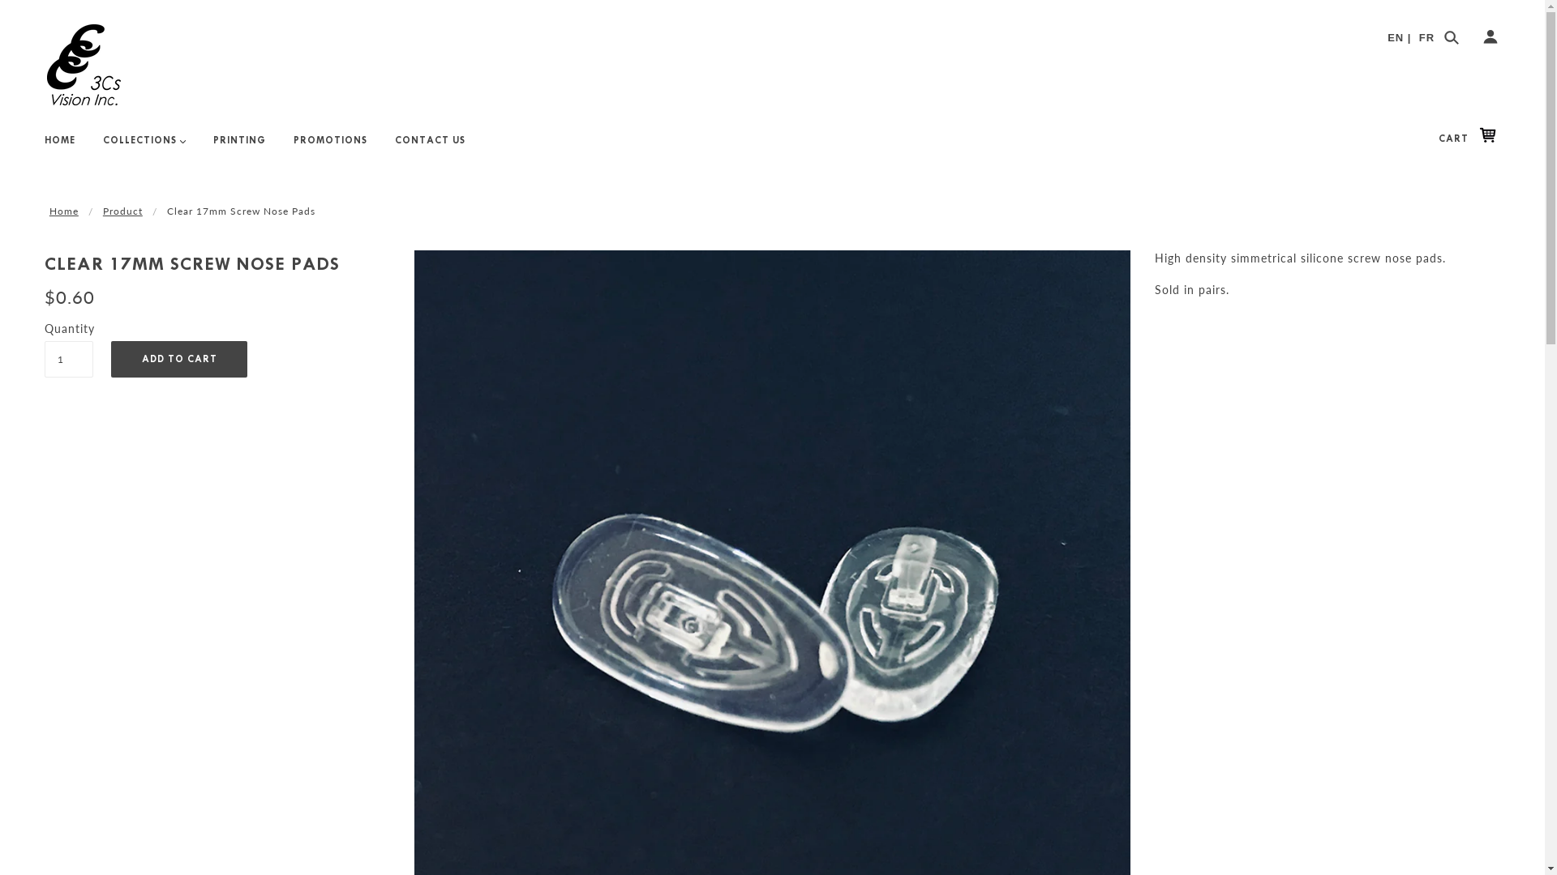  Describe the element at coordinates (329, 147) in the screenshot. I see `'PROMOTIONS'` at that location.